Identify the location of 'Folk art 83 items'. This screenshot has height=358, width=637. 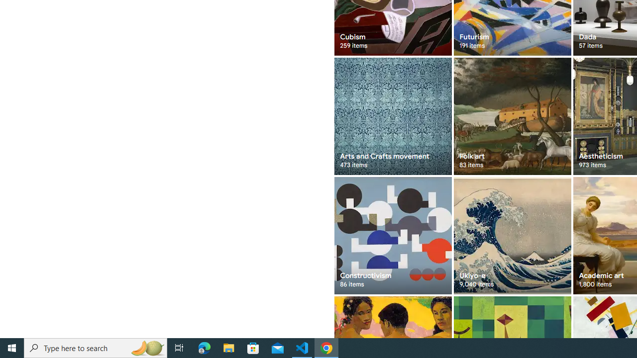
(512, 116).